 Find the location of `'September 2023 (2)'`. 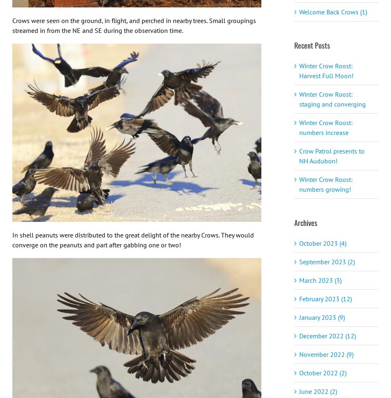

'September 2023 (2)' is located at coordinates (326, 261).